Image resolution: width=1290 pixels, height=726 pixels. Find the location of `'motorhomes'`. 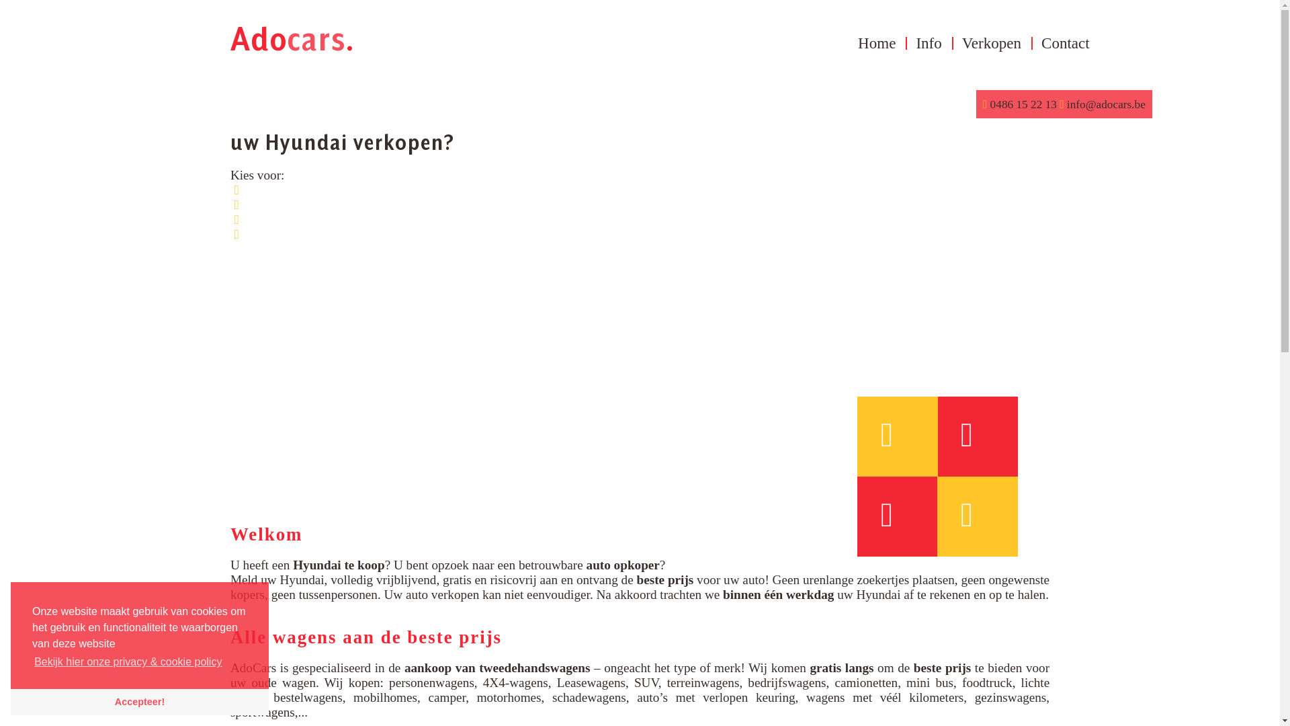

'motorhomes' is located at coordinates (509, 696).